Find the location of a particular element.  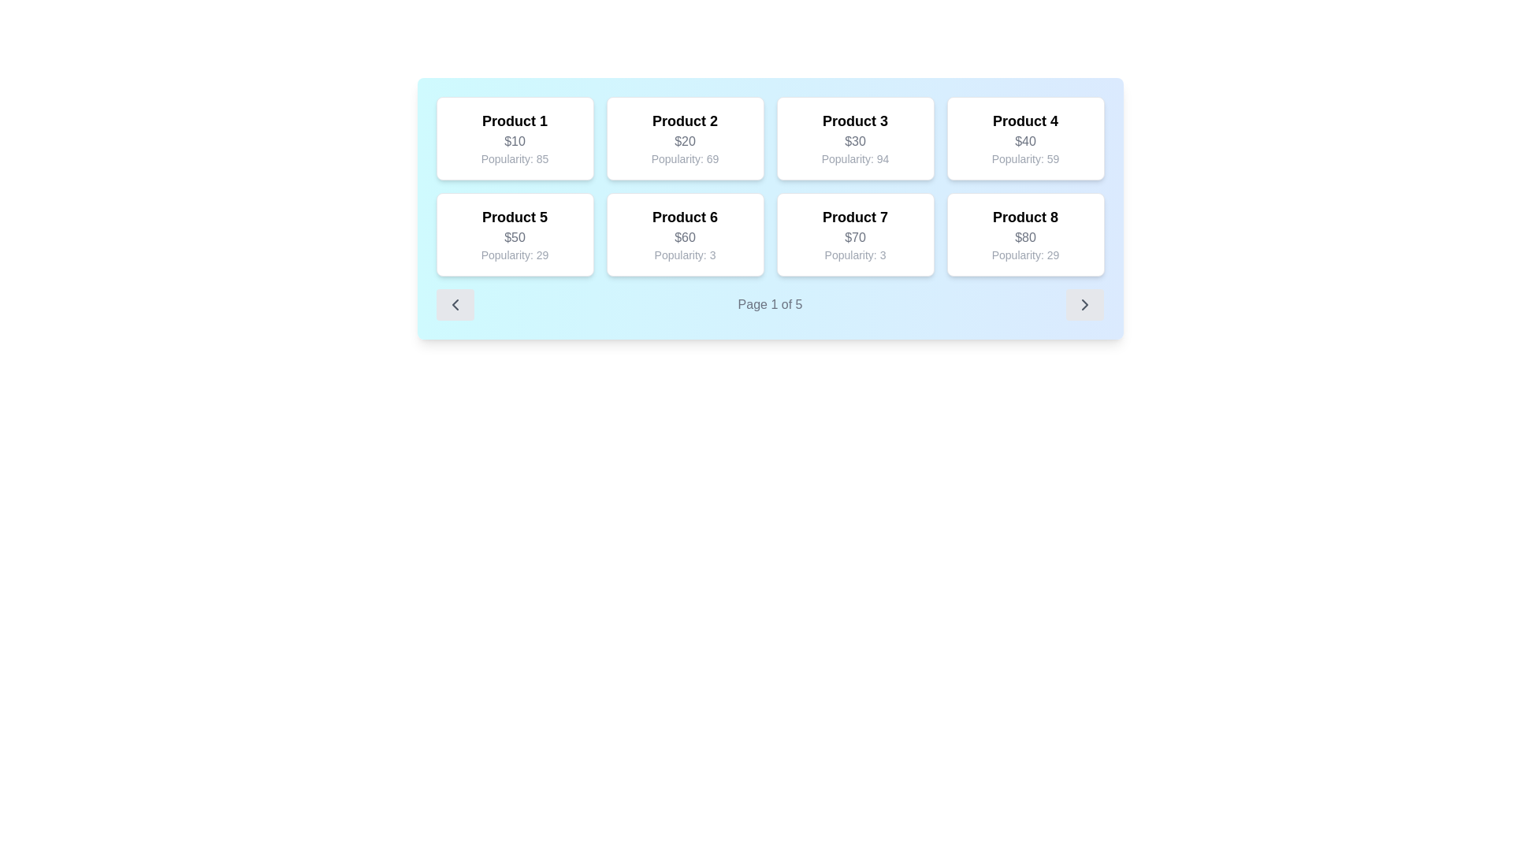

the text label displaying 'Popularity: 3', which is styled with a small font and gray color, located below the '$60' text within the card labeled 'Product 6' is located at coordinates (685, 255).